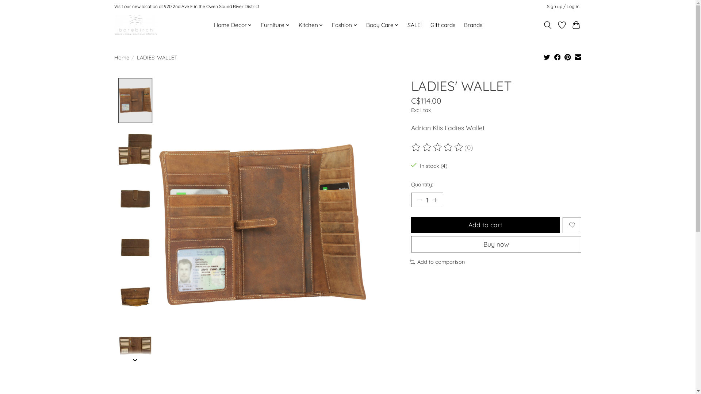 The image size is (701, 394). Describe the element at coordinates (437, 261) in the screenshot. I see `'Add to comparison'` at that location.